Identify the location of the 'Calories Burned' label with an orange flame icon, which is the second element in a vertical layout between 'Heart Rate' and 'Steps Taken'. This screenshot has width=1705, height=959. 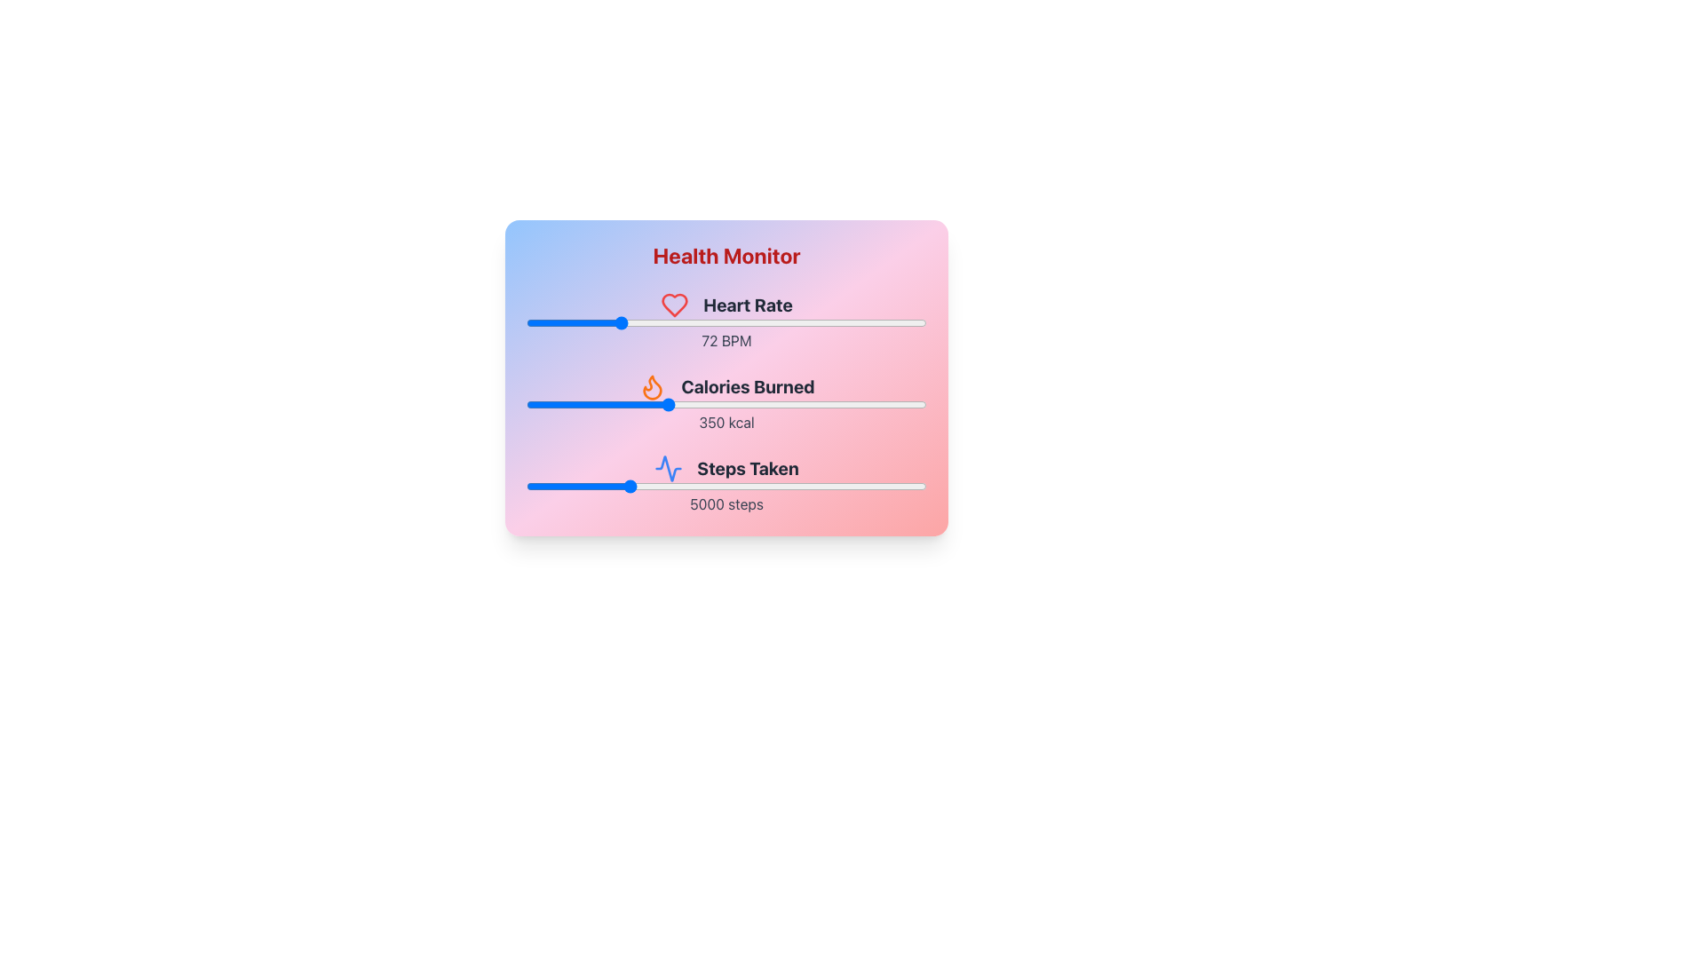
(726, 385).